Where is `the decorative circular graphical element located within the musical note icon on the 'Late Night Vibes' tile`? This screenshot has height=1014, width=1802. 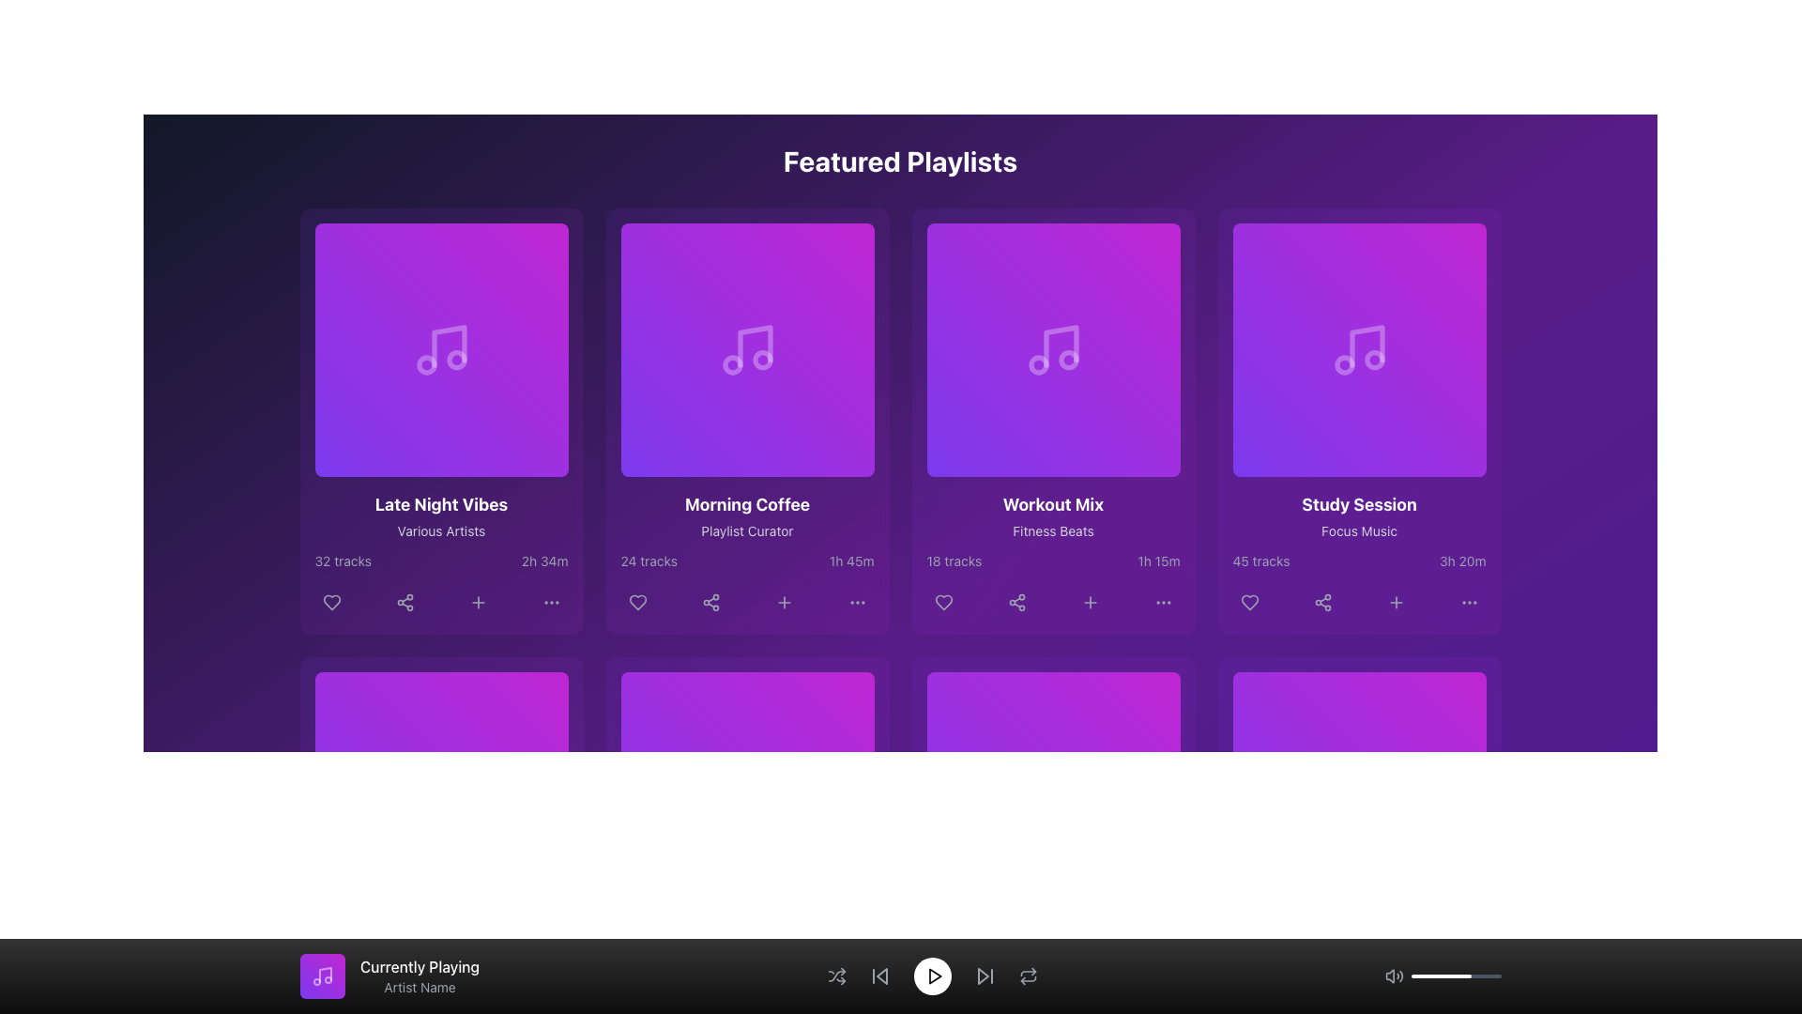
the decorative circular graphical element located within the musical note icon on the 'Late Night Vibes' tile is located at coordinates (456, 360).